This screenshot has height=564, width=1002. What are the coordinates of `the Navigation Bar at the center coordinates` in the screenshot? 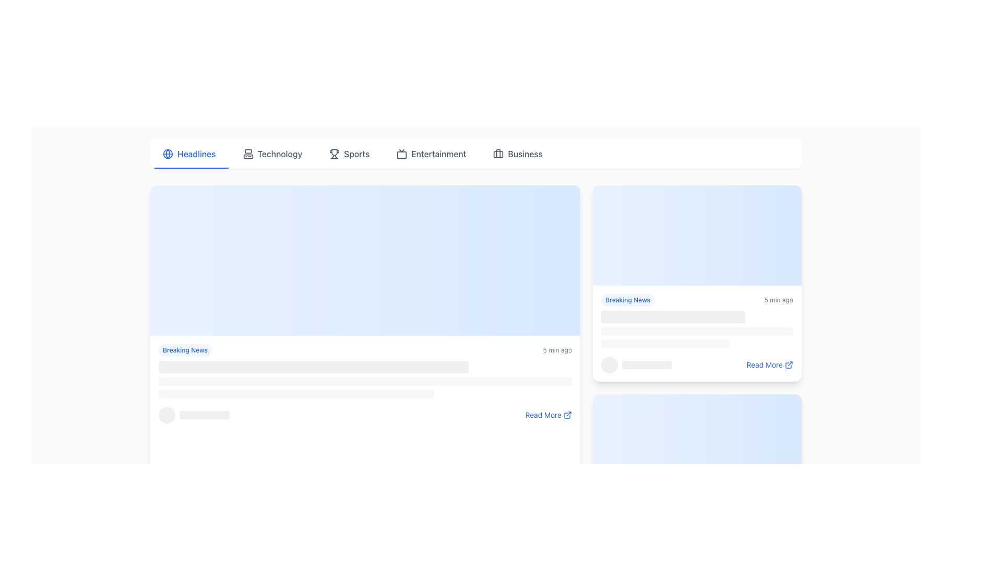 It's located at (475, 154).